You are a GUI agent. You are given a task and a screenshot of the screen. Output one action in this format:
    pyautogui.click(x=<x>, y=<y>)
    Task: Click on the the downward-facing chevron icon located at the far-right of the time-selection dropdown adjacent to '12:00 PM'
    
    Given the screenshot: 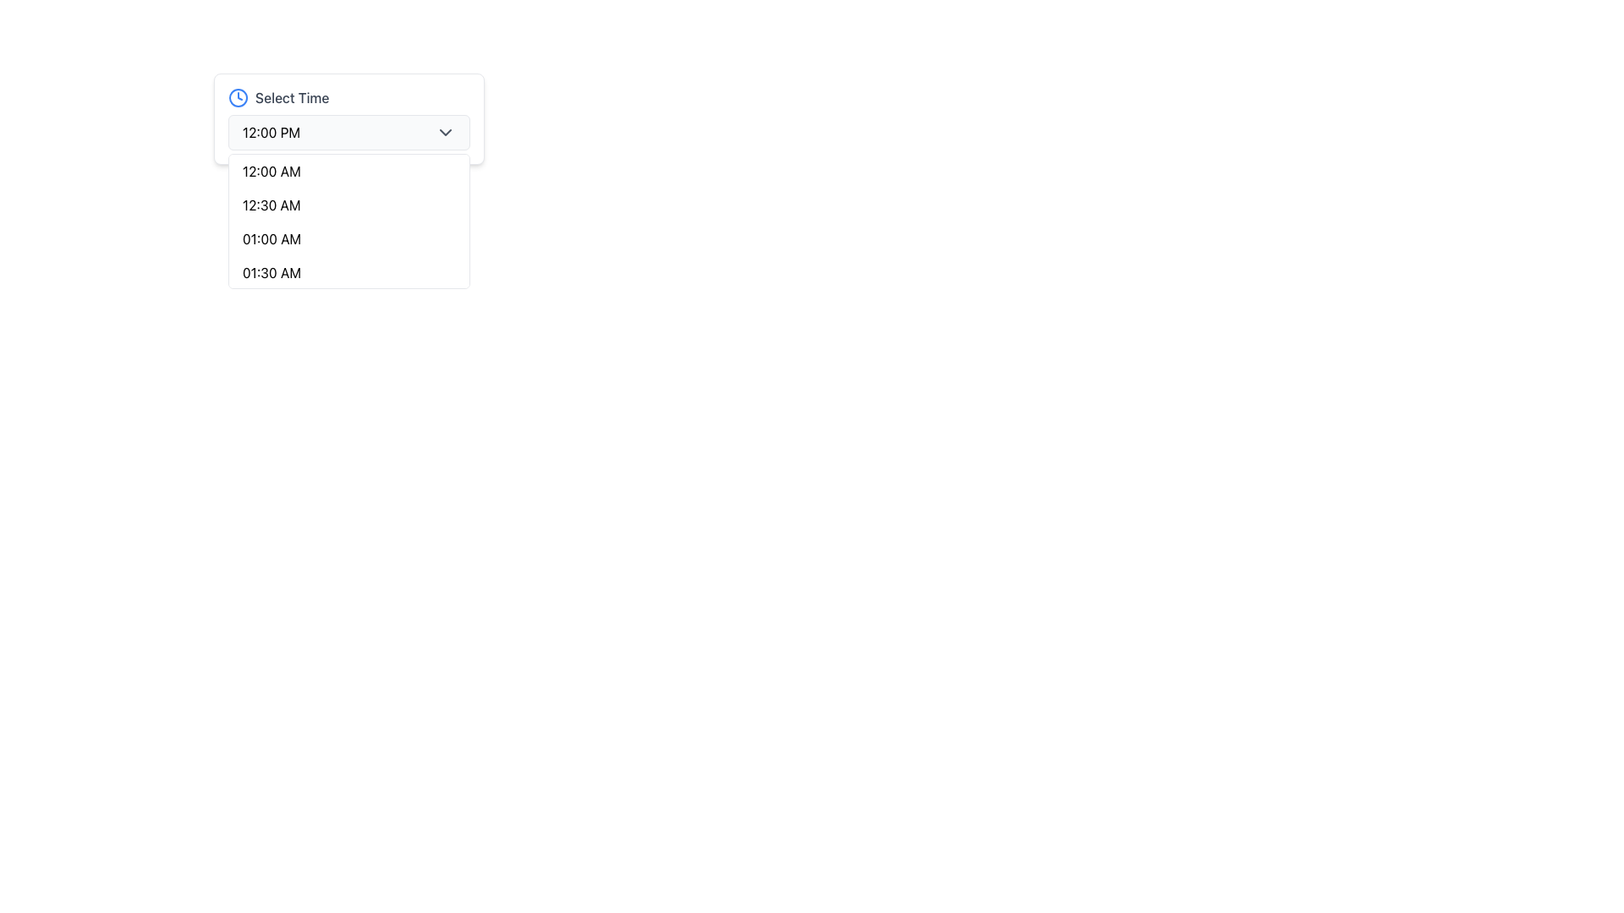 What is the action you would take?
    pyautogui.click(x=446, y=132)
    